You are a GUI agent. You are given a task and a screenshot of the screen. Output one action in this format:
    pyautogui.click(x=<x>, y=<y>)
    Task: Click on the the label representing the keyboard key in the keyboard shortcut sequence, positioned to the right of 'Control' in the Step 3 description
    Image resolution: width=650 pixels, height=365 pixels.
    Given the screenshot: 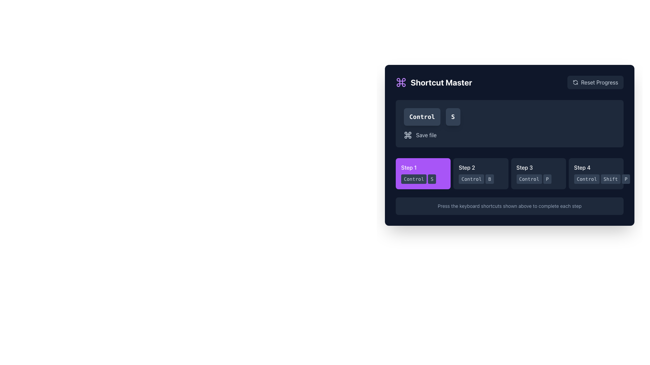 What is the action you would take?
    pyautogui.click(x=547, y=178)
    